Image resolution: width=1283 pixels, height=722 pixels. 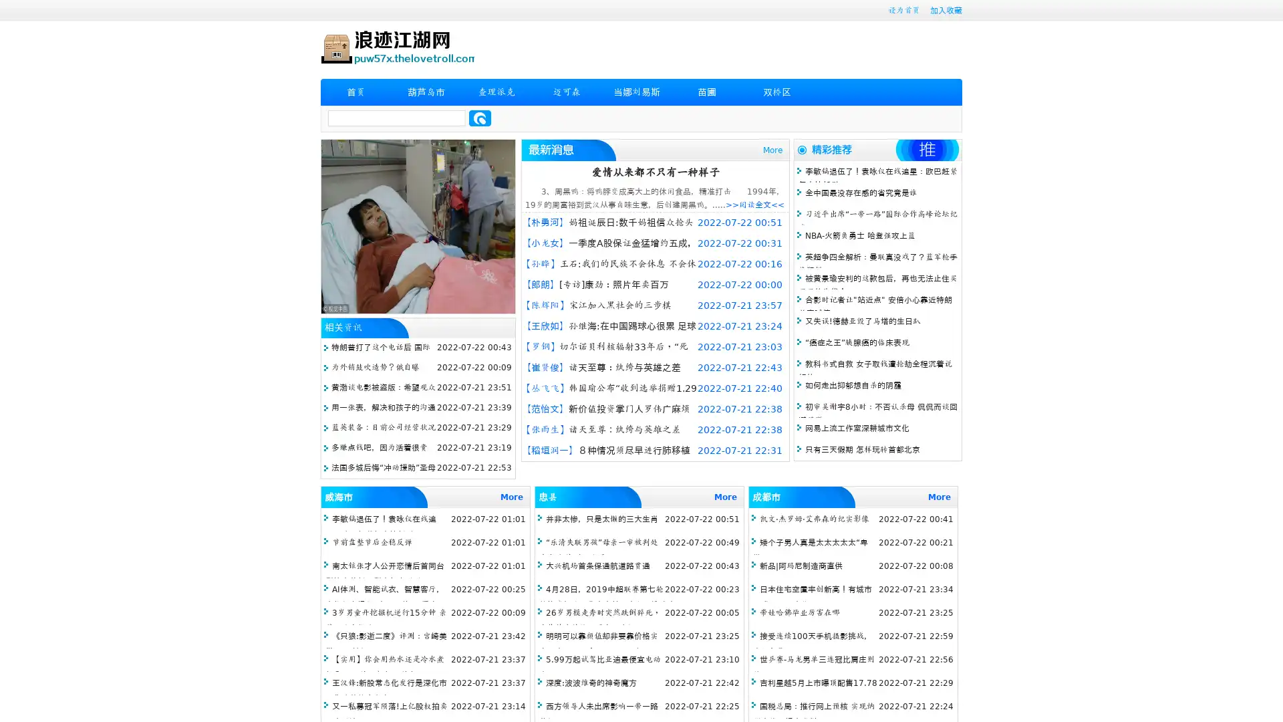 What do you see at coordinates (480, 118) in the screenshot?
I see `Search` at bounding box center [480, 118].